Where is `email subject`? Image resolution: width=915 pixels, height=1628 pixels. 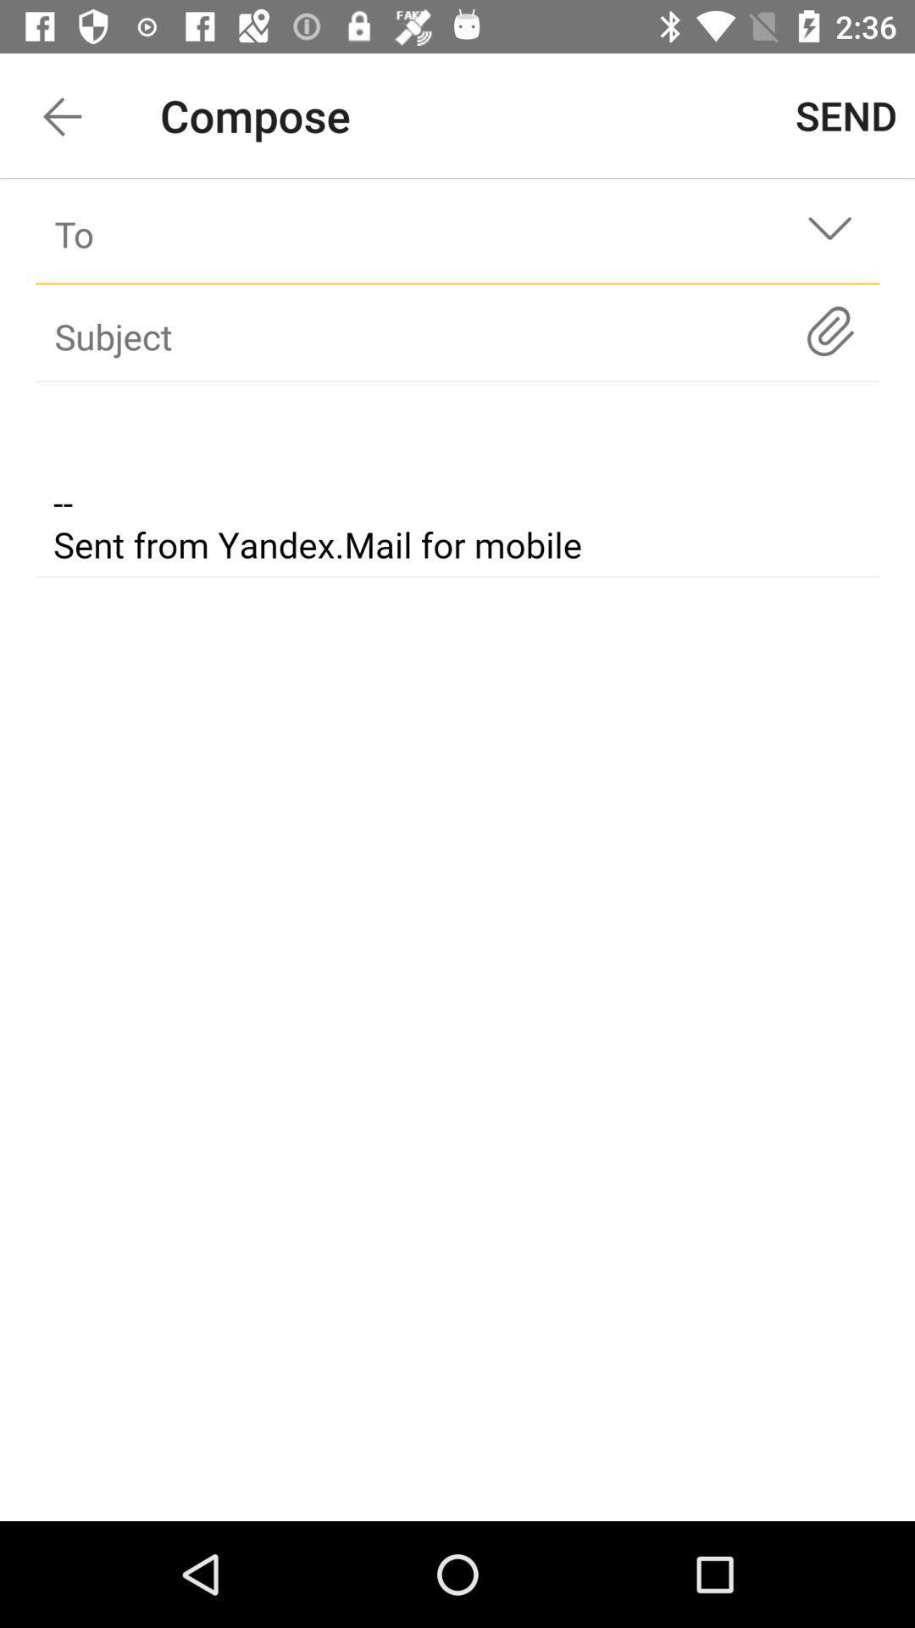 email subject is located at coordinates (457, 482).